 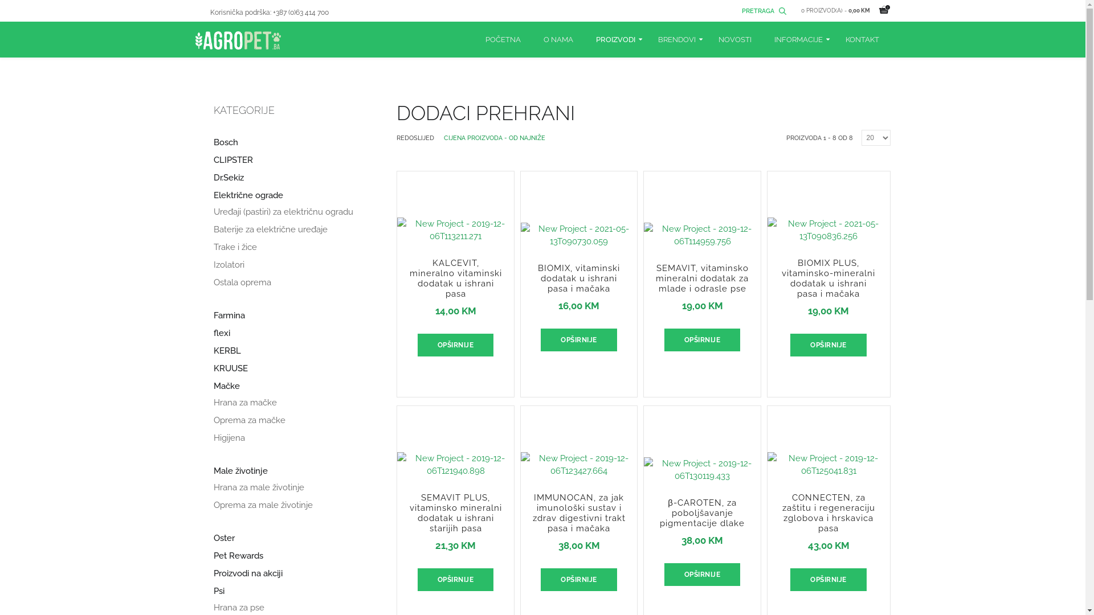 I want to click on 'Proizvodi na akciji', so click(x=247, y=573).